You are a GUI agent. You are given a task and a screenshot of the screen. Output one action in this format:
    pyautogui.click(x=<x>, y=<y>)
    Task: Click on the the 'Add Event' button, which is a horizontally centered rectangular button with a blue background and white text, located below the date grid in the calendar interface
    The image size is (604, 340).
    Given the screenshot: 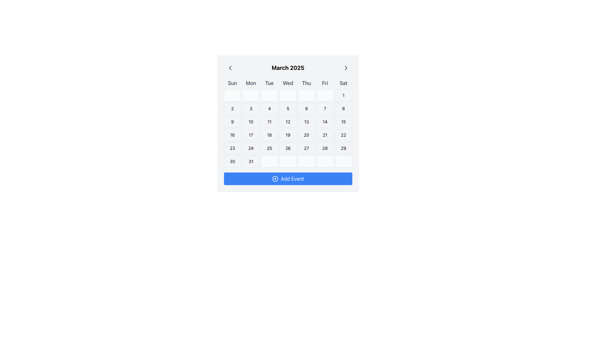 What is the action you would take?
    pyautogui.click(x=288, y=178)
    